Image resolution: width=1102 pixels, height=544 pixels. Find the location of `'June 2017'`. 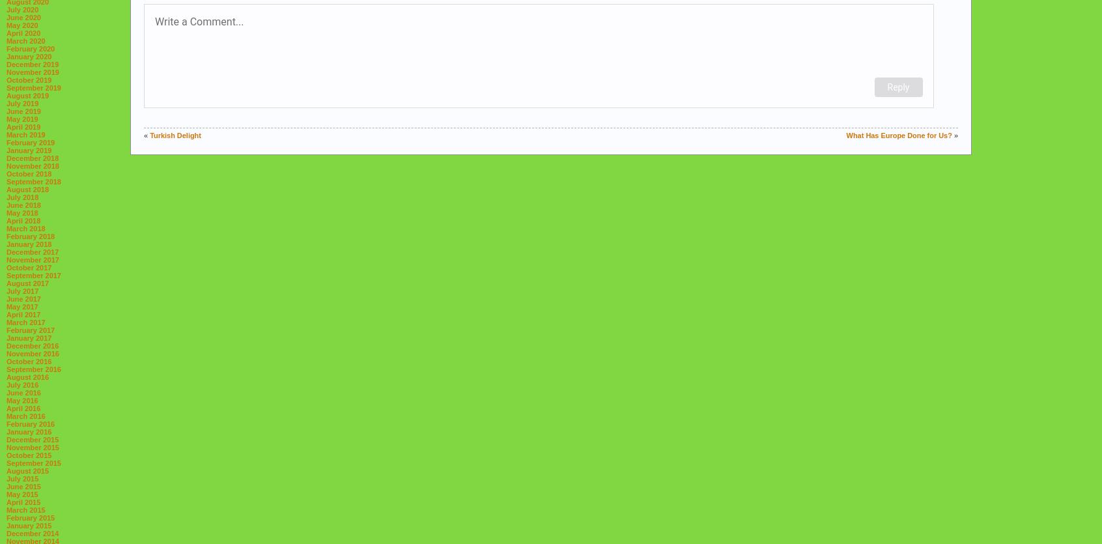

'June 2017' is located at coordinates (23, 298).